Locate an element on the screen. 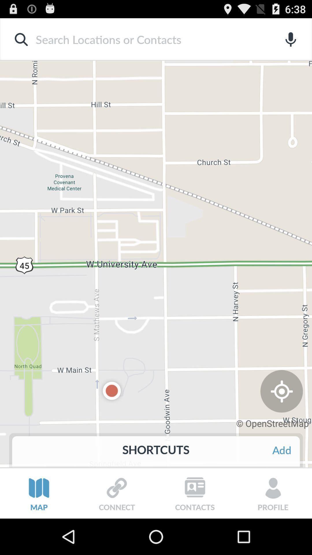 This screenshot has height=555, width=312. the microphone icon is located at coordinates (291, 42).